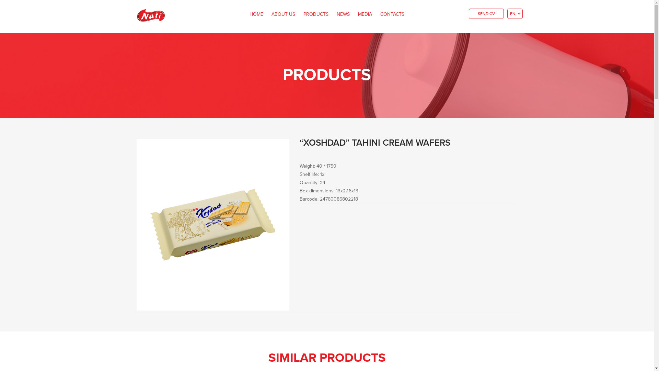 This screenshot has width=659, height=371. I want to click on 'SEND CV', so click(486, 13).